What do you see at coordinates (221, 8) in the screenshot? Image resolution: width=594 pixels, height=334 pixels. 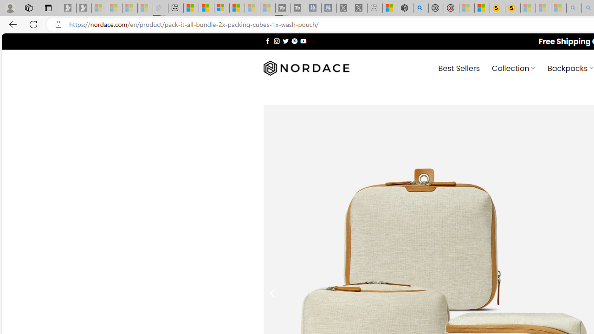 I see `'Overview'` at bounding box center [221, 8].